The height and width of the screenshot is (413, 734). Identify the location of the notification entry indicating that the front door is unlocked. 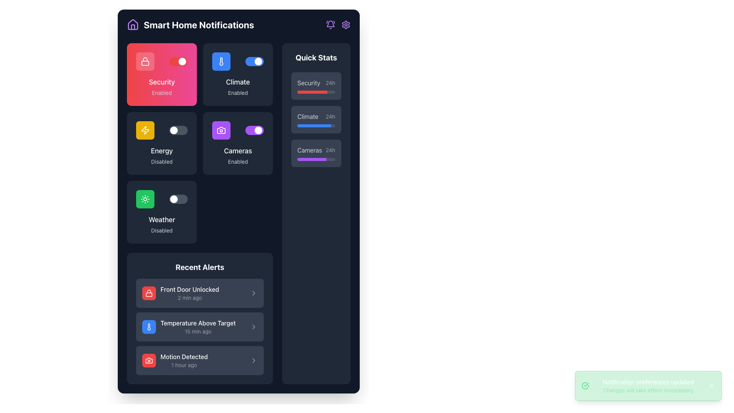
(200, 293).